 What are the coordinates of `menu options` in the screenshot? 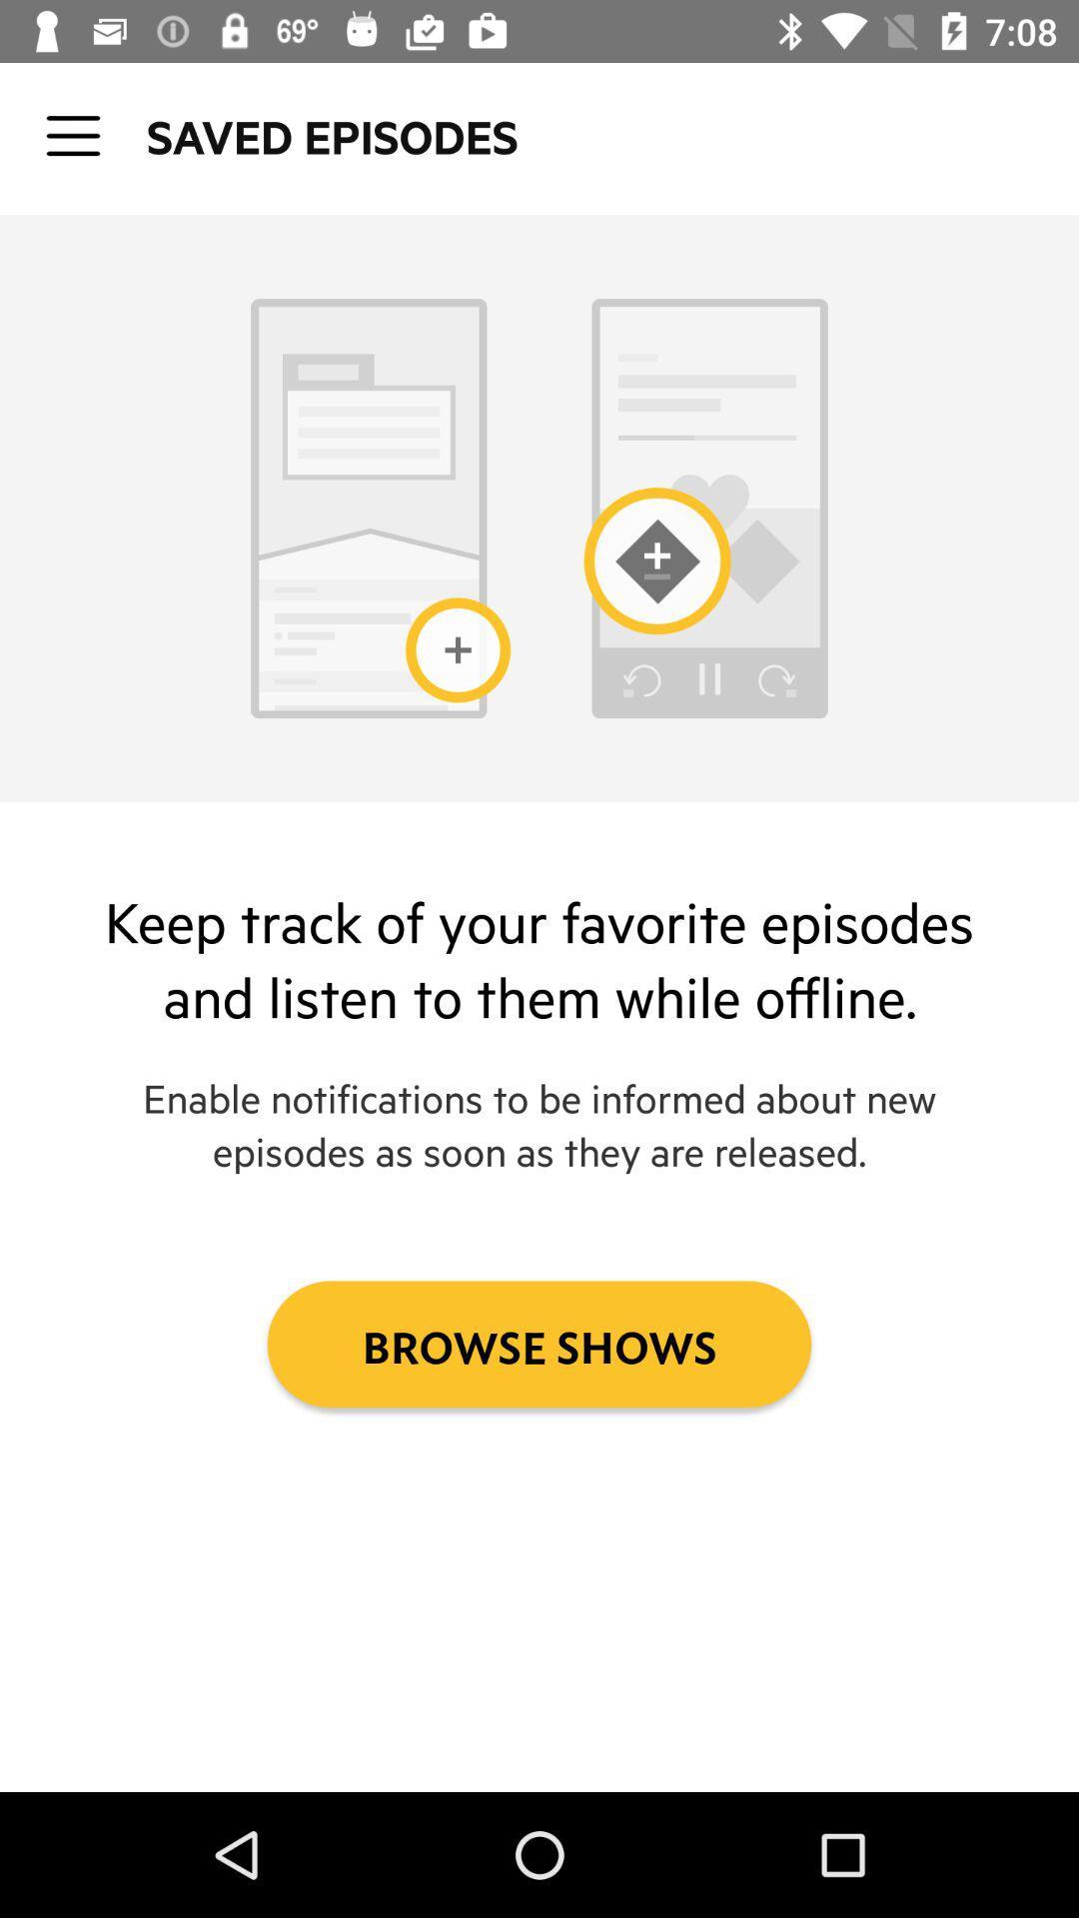 It's located at (72, 135).